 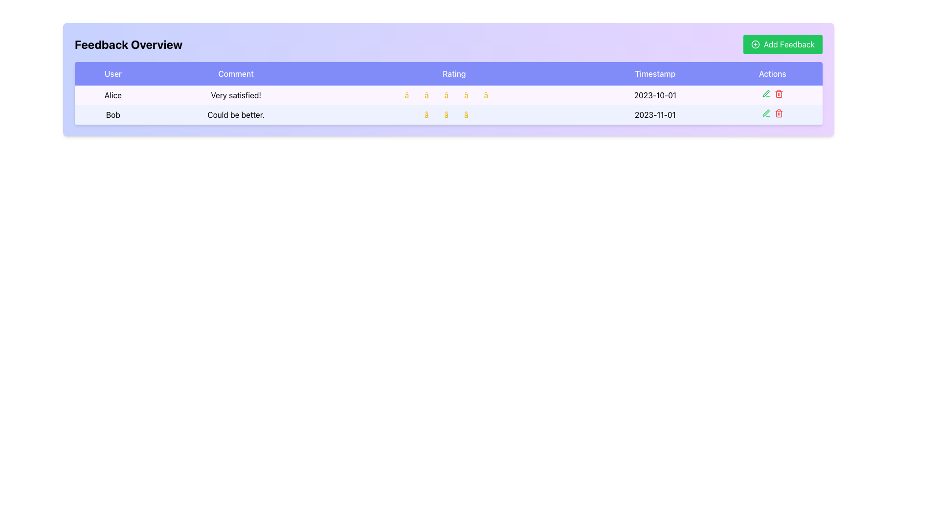 I want to click on the visual placeholder in the 'Actions' column of the feedback table for the user Alice, dated '2023-10-01', located next to the Edit and Delete icons, so click(x=772, y=95).